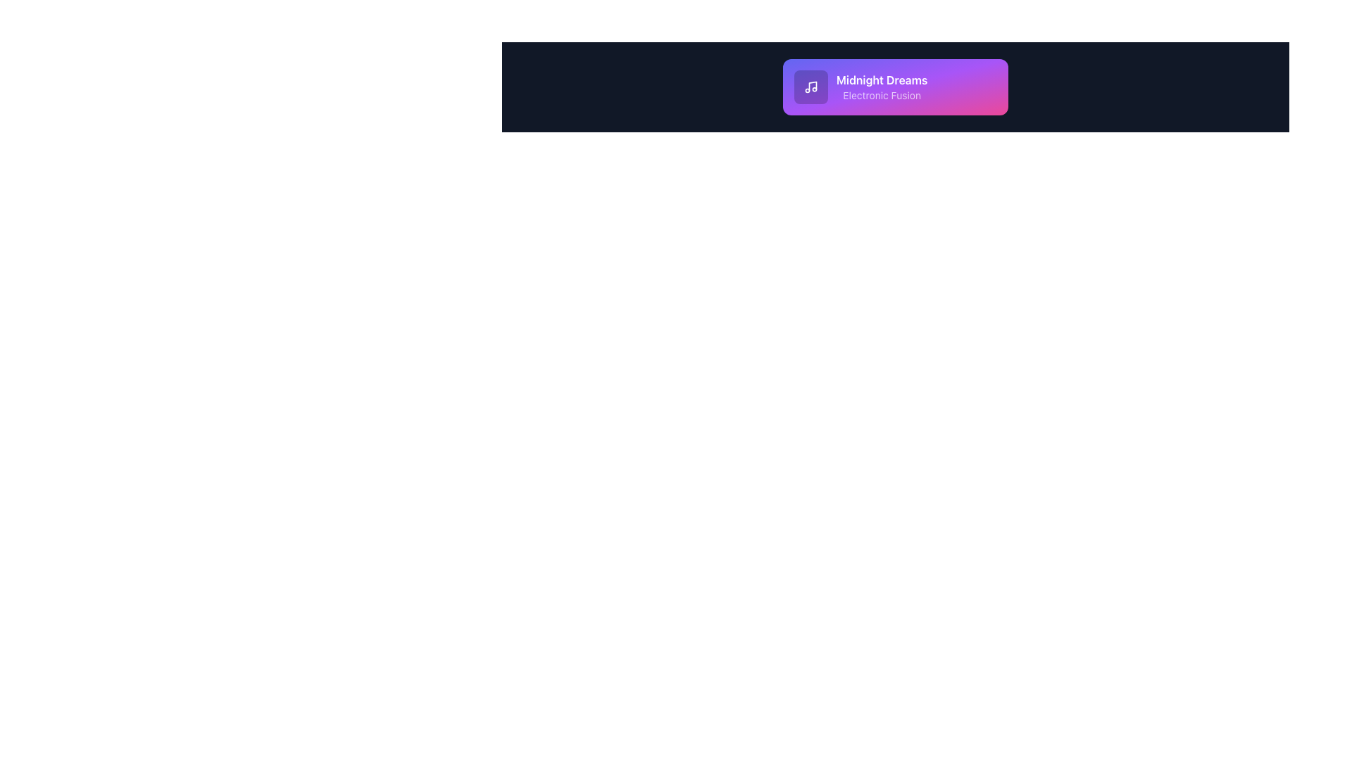 This screenshot has width=1352, height=760. I want to click on the text block titled 'Midnight Dreams' with the subtitle 'Electronic Fusion', which is displayed in white and lighter text on a gradient background, so click(895, 87).